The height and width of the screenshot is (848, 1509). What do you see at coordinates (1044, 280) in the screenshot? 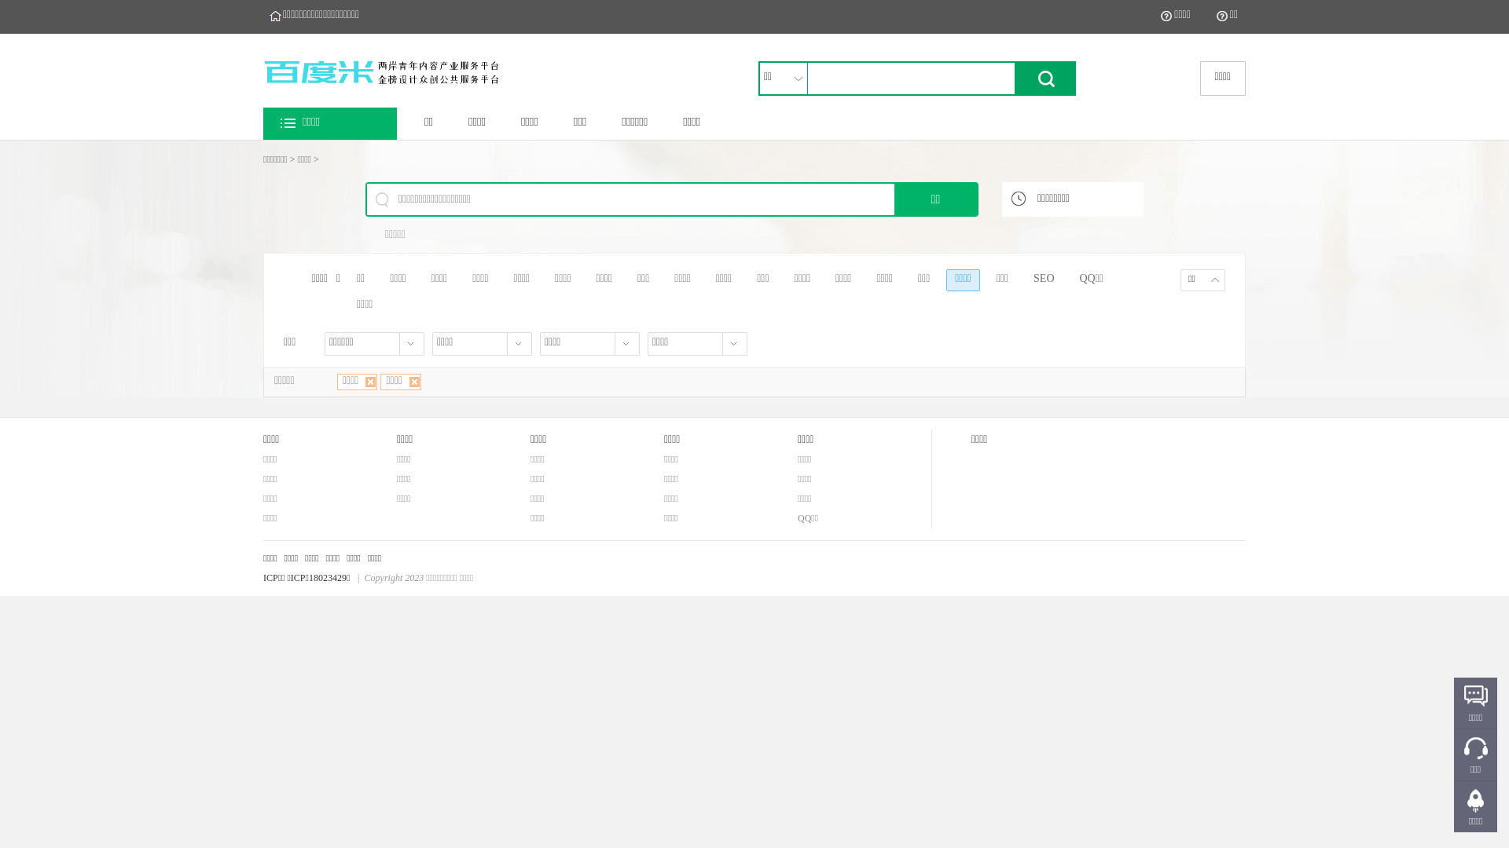
I see `'SEO'` at bounding box center [1044, 280].